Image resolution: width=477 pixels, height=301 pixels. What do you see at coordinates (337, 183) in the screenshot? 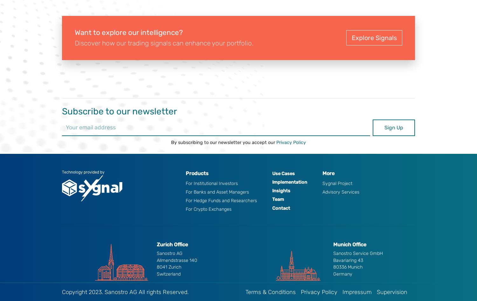
I see `'Sygnal Project'` at bounding box center [337, 183].